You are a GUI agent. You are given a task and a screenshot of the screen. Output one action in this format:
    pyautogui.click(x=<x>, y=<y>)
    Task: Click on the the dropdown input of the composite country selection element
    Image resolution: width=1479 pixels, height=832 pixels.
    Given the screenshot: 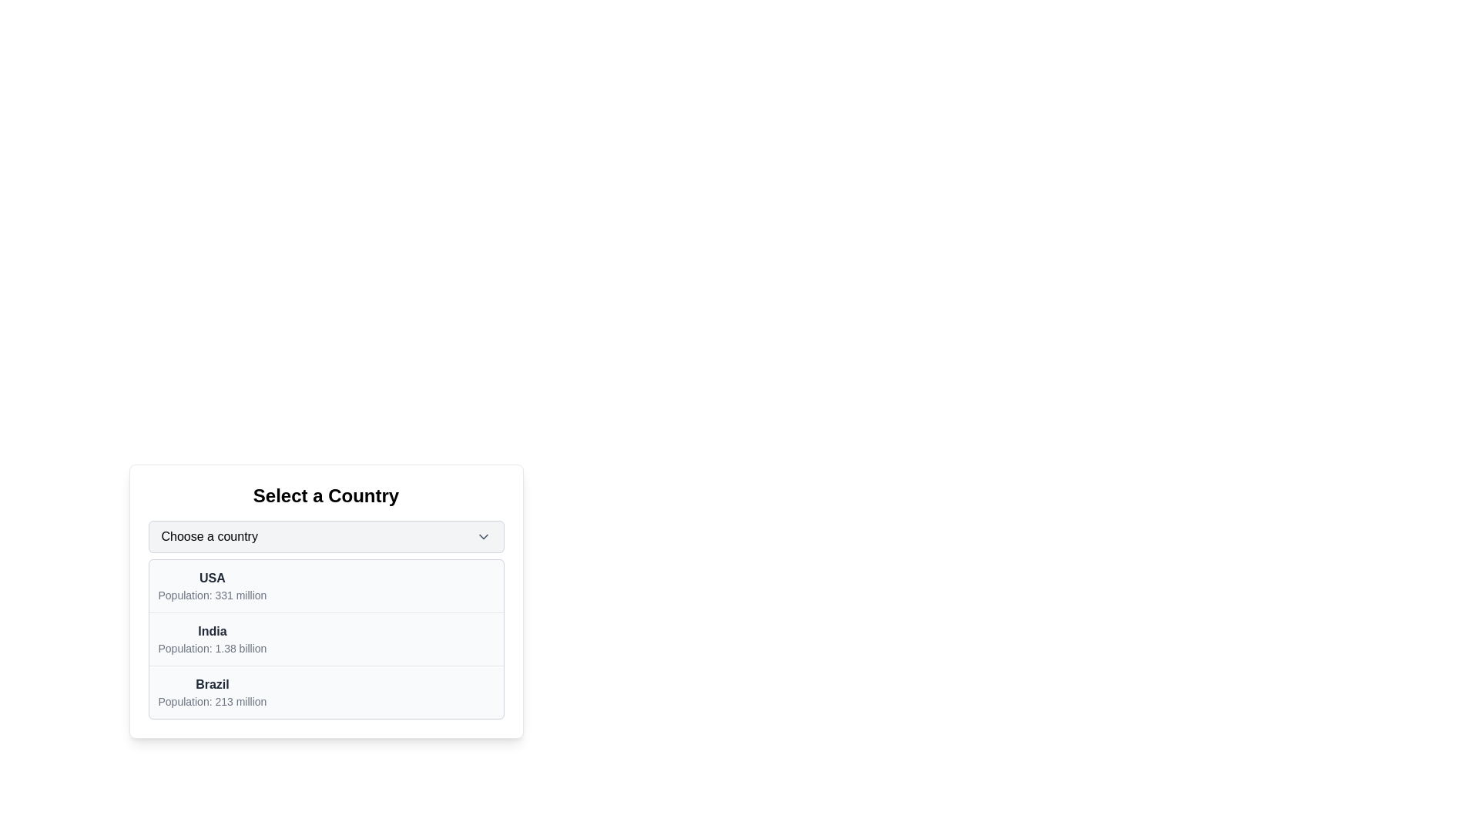 What is the action you would take?
    pyautogui.click(x=325, y=599)
    